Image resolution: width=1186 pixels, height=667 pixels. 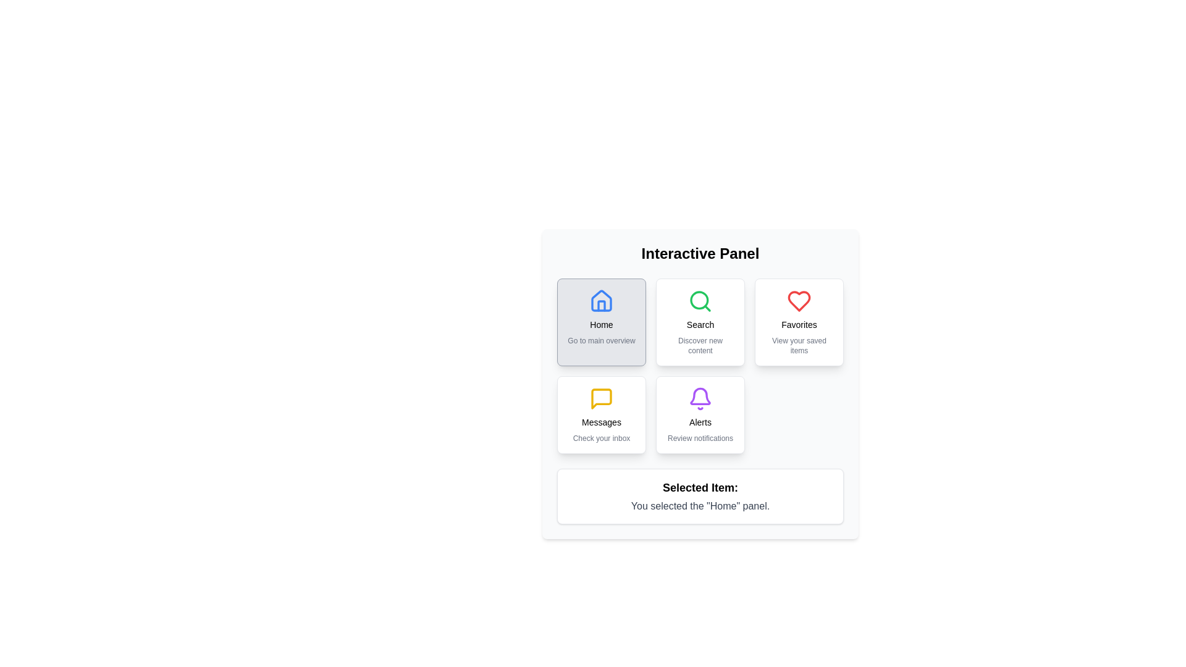 I want to click on the navigation button in the top-left corner of the grid layout for keyboard accessibility, so click(x=602, y=321).